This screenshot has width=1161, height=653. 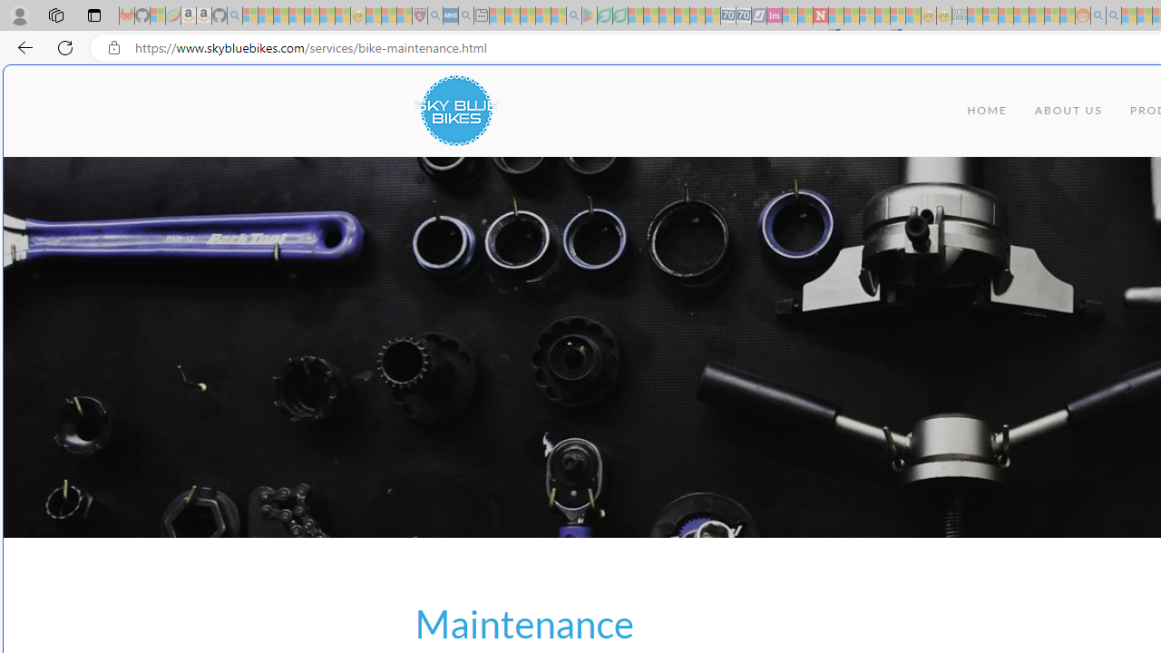 What do you see at coordinates (1068, 111) in the screenshot?
I see `'ABOUT US'` at bounding box center [1068, 111].